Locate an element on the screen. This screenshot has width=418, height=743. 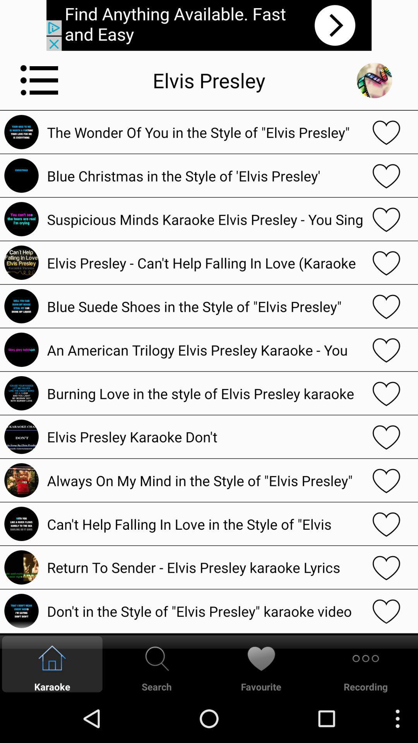
back button is located at coordinates (374, 80).